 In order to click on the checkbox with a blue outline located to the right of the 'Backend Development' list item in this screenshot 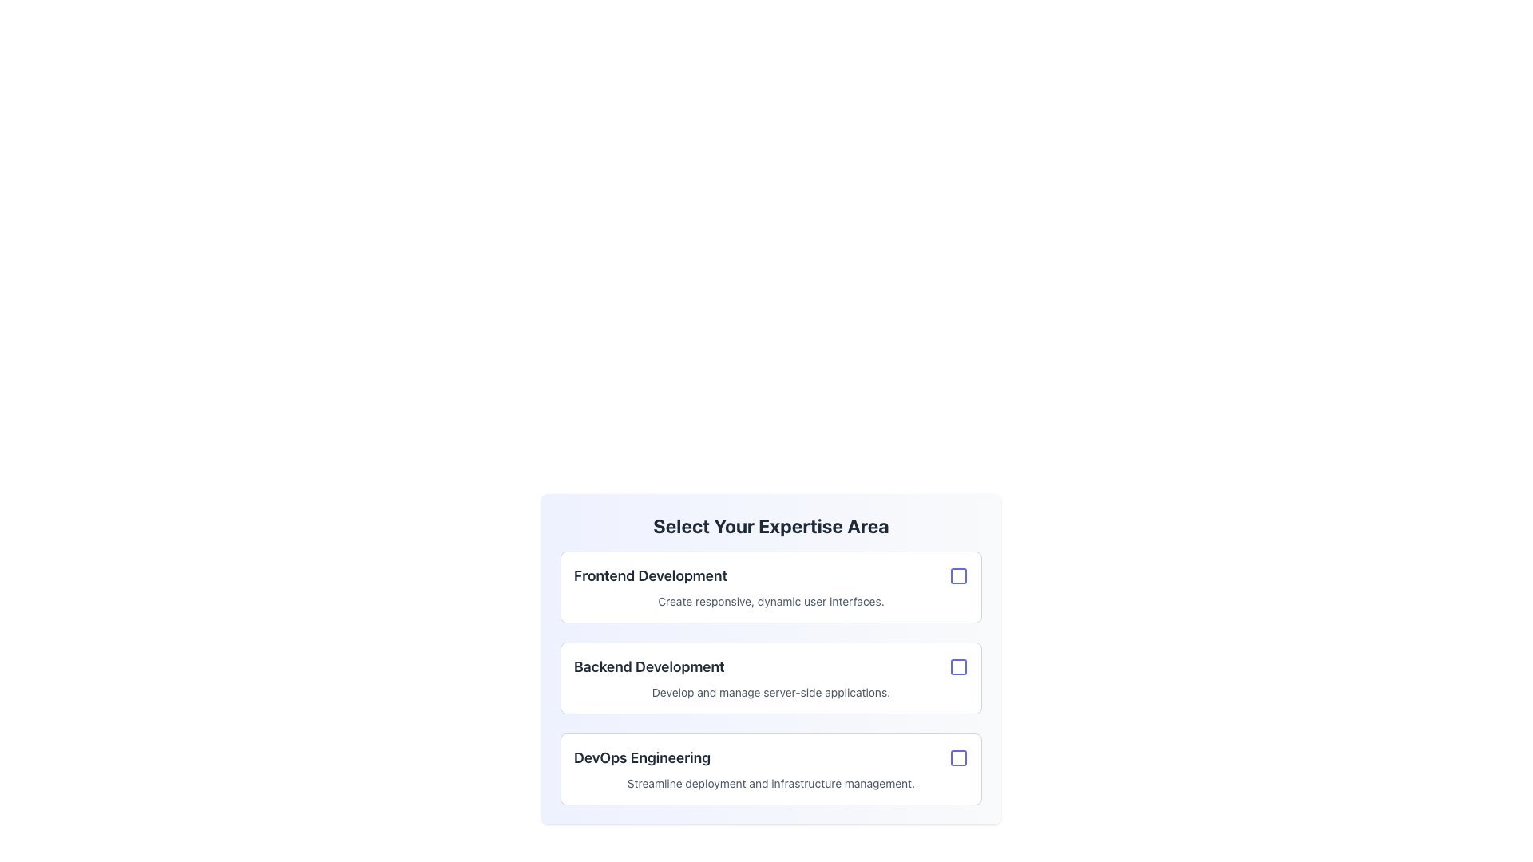, I will do `click(958, 667)`.